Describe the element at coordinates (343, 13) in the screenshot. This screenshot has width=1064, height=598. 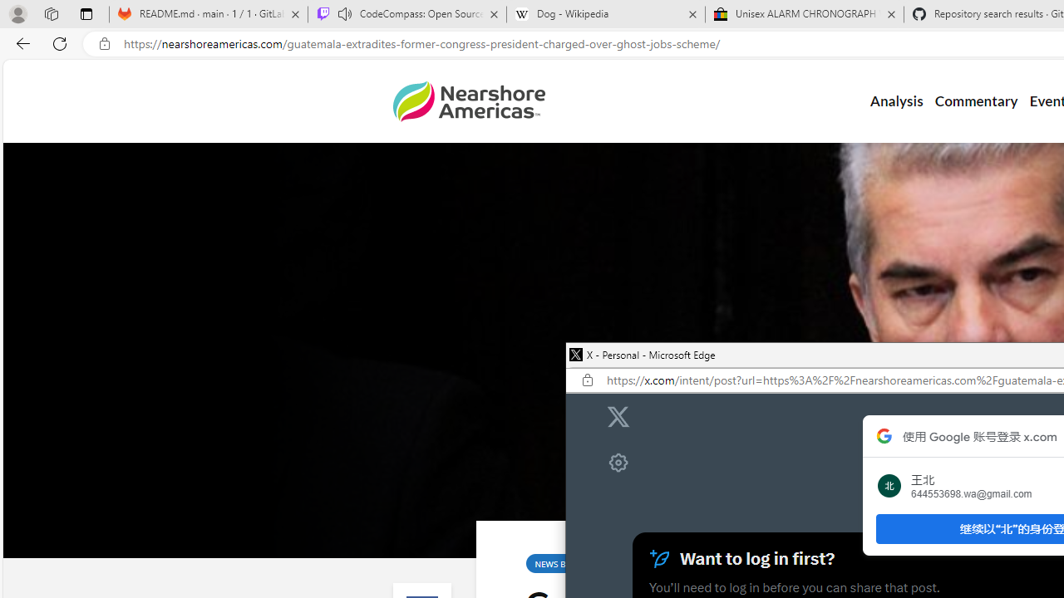
I see `'Mute tab'` at that location.